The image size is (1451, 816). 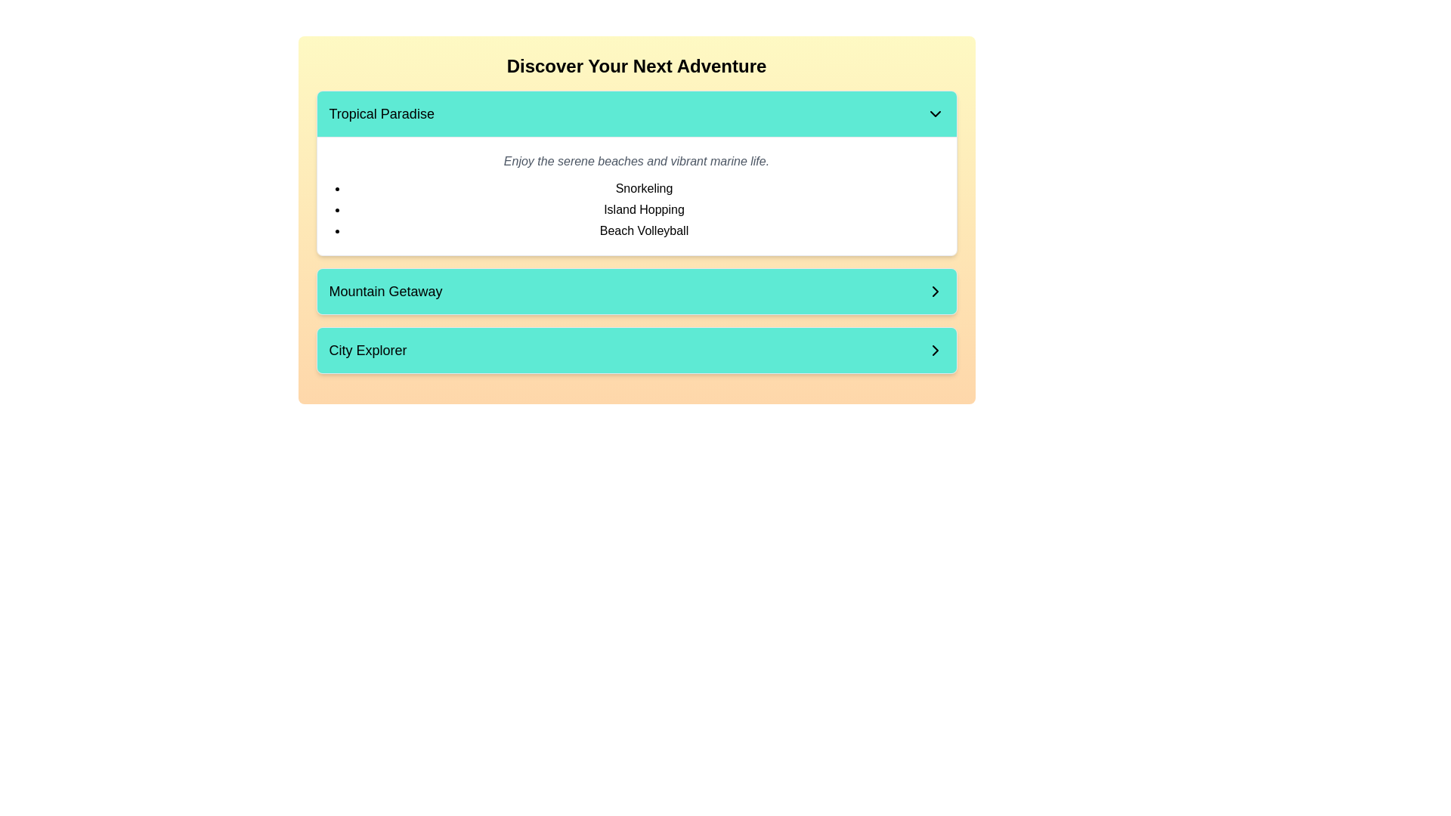 I want to click on the chevron icon located on the rightmost side of the 'City Explorer' button, so click(x=934, y=350).